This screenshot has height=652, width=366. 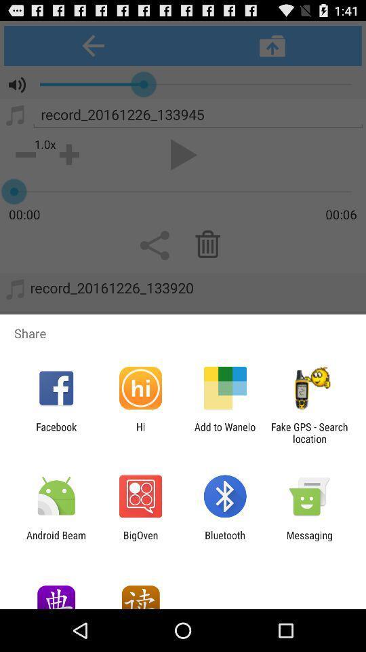 I want to click on messaging item, so click(x=309, y=541).